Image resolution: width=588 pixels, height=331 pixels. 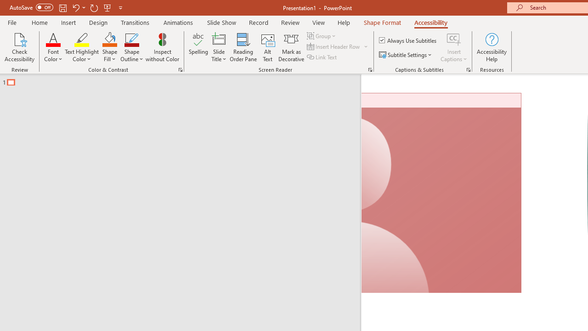 I want to click on 'Insert Captions', so click(x=454, y=47).